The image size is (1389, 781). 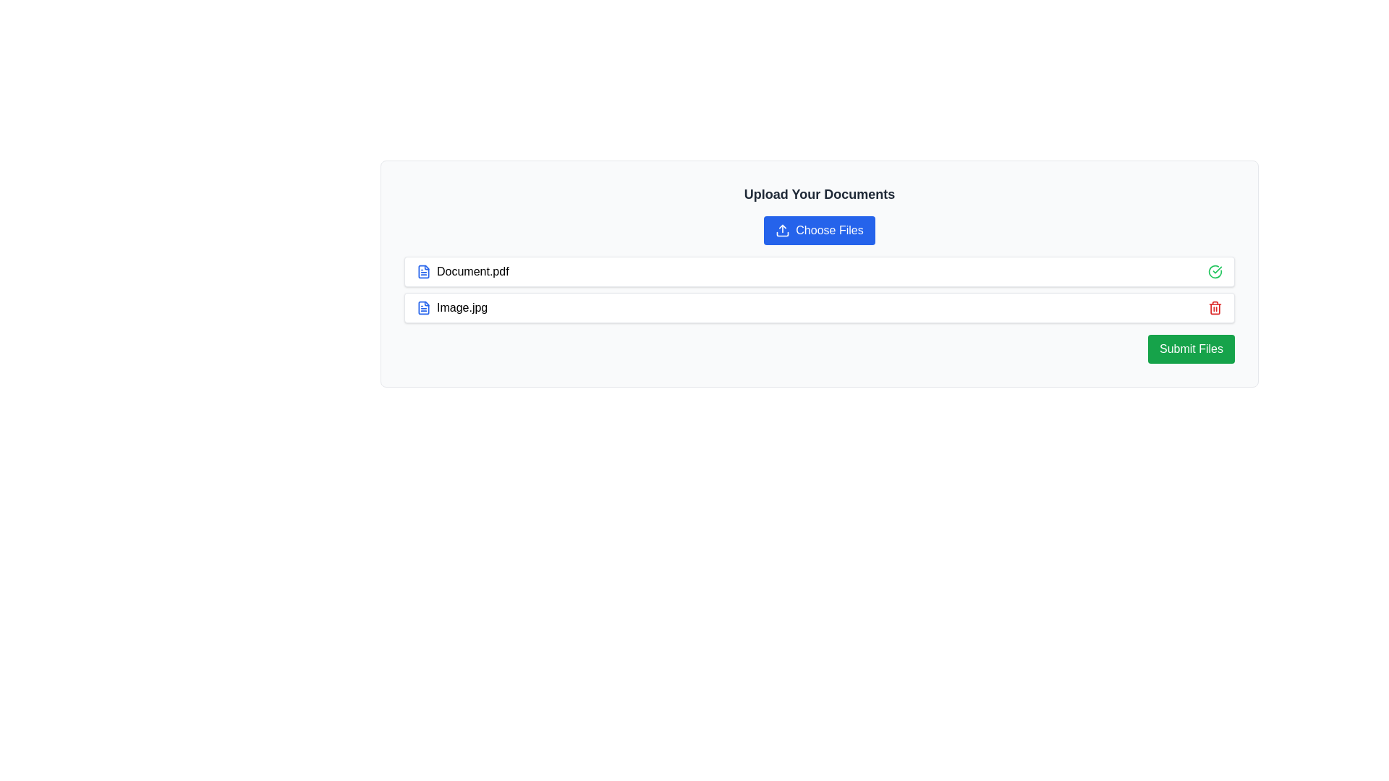 I want to click on the design of the upload icon located on the 'Choose Files' button, which is situated in the middle of the interface under the text 'Upload Your Documents.', so click(x=782, y=230).